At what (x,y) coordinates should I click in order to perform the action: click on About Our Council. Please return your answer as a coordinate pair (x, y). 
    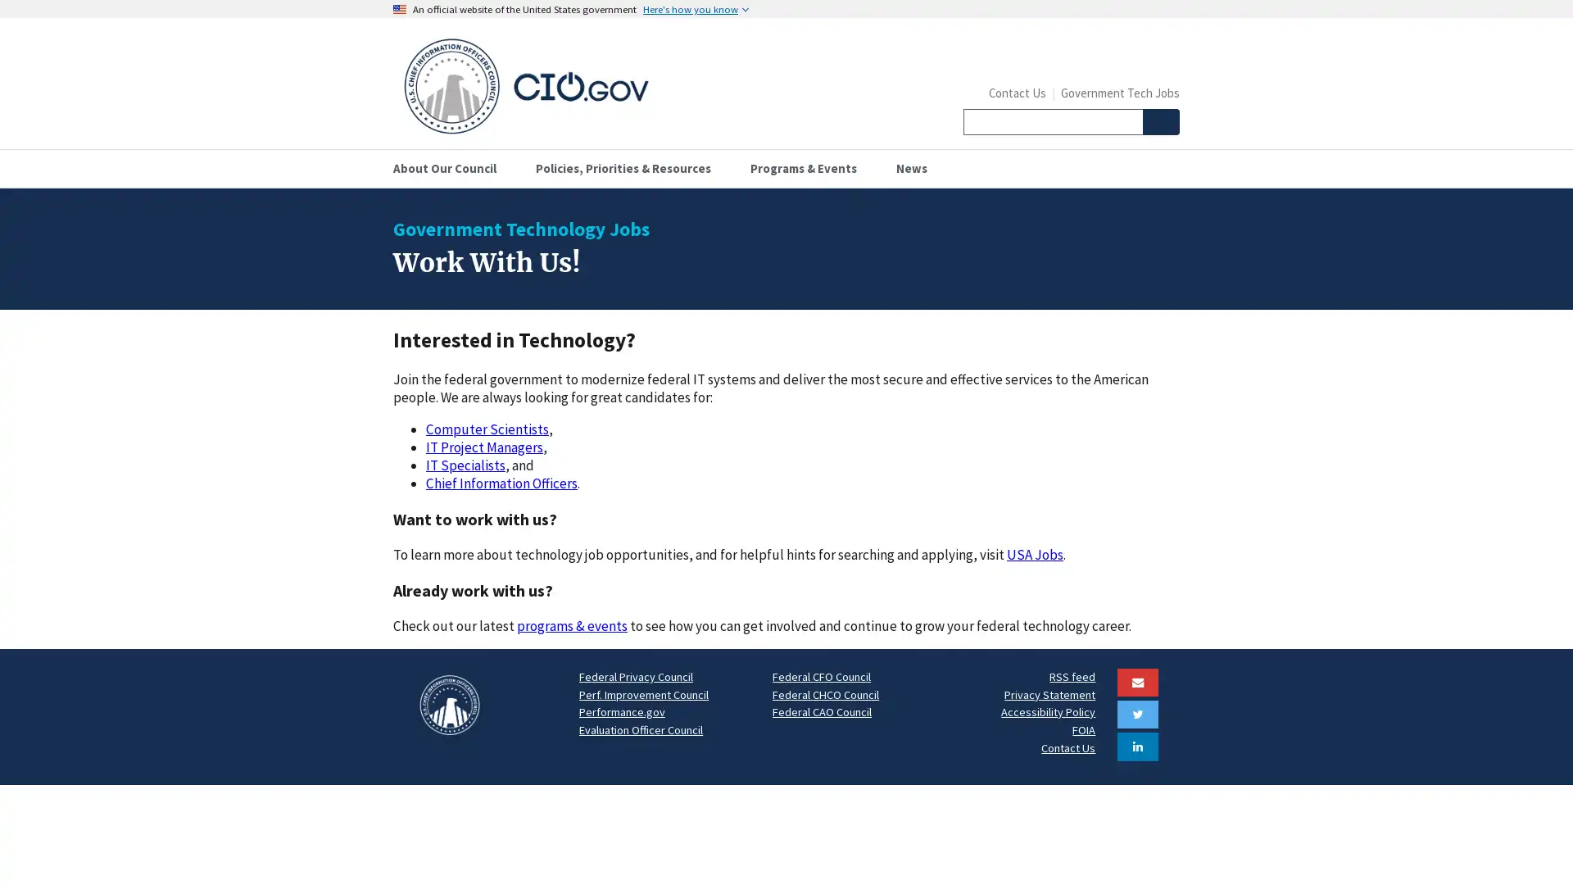
    Looking at the image, I should click on (451, 168).